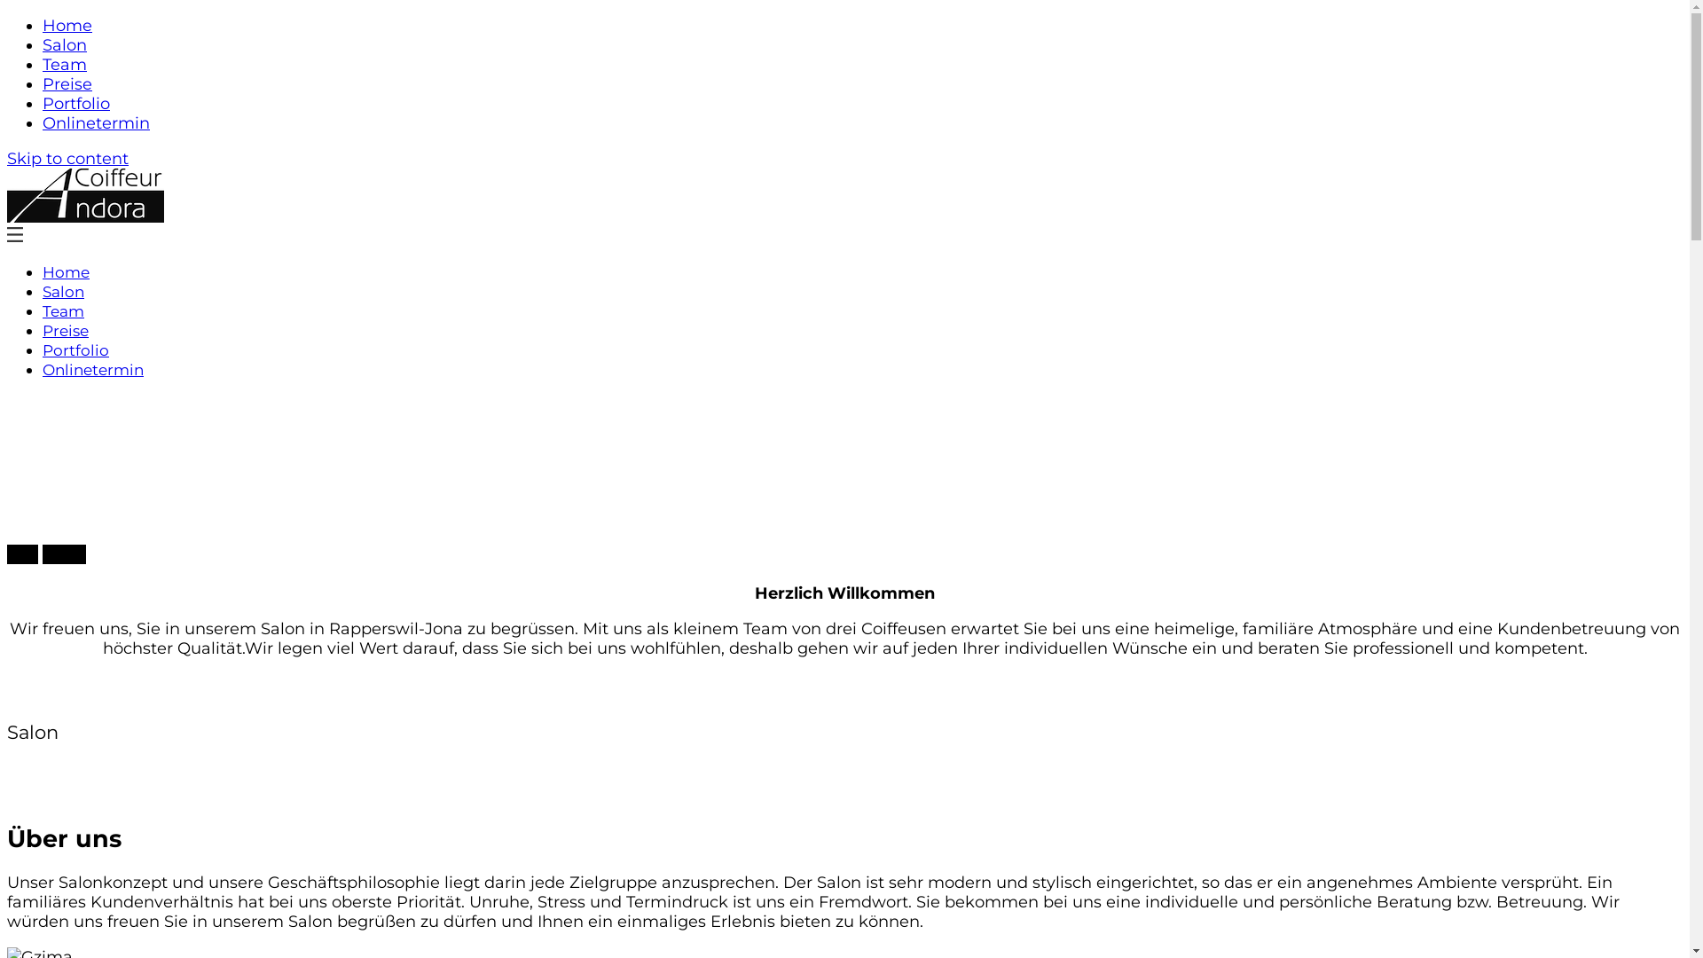 This screenshot has height=958, width=1703. I want to click on 'Salon', so click(63, 290).